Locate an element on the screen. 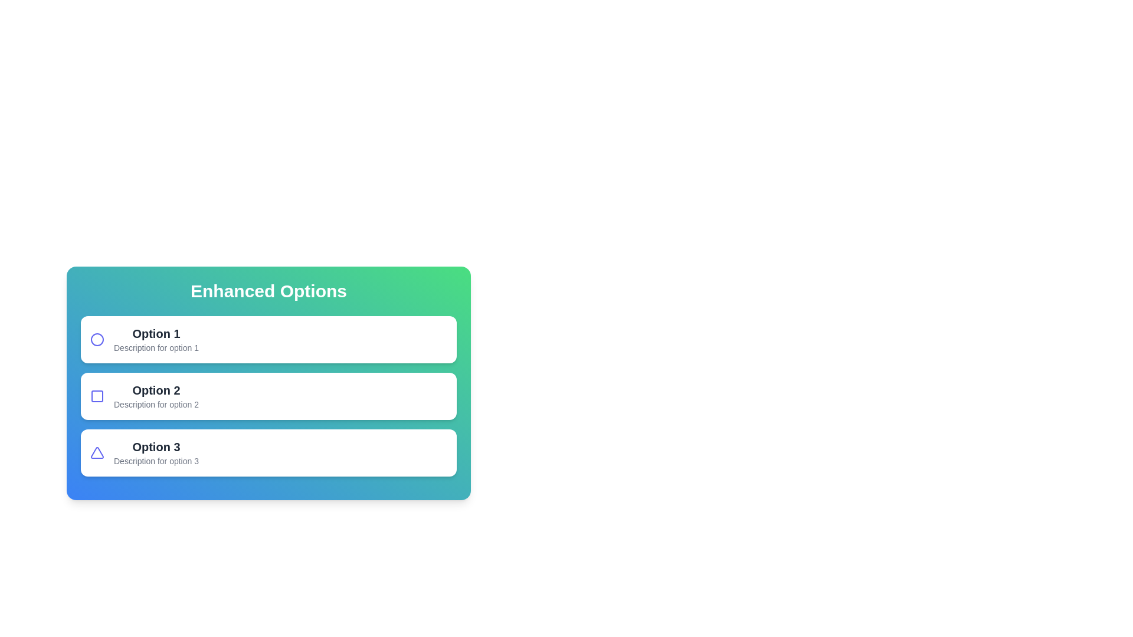  the 'Option 3' text block, which displays the option and its description within a white, rounded rectangular card is located at coordinates (155, 452).